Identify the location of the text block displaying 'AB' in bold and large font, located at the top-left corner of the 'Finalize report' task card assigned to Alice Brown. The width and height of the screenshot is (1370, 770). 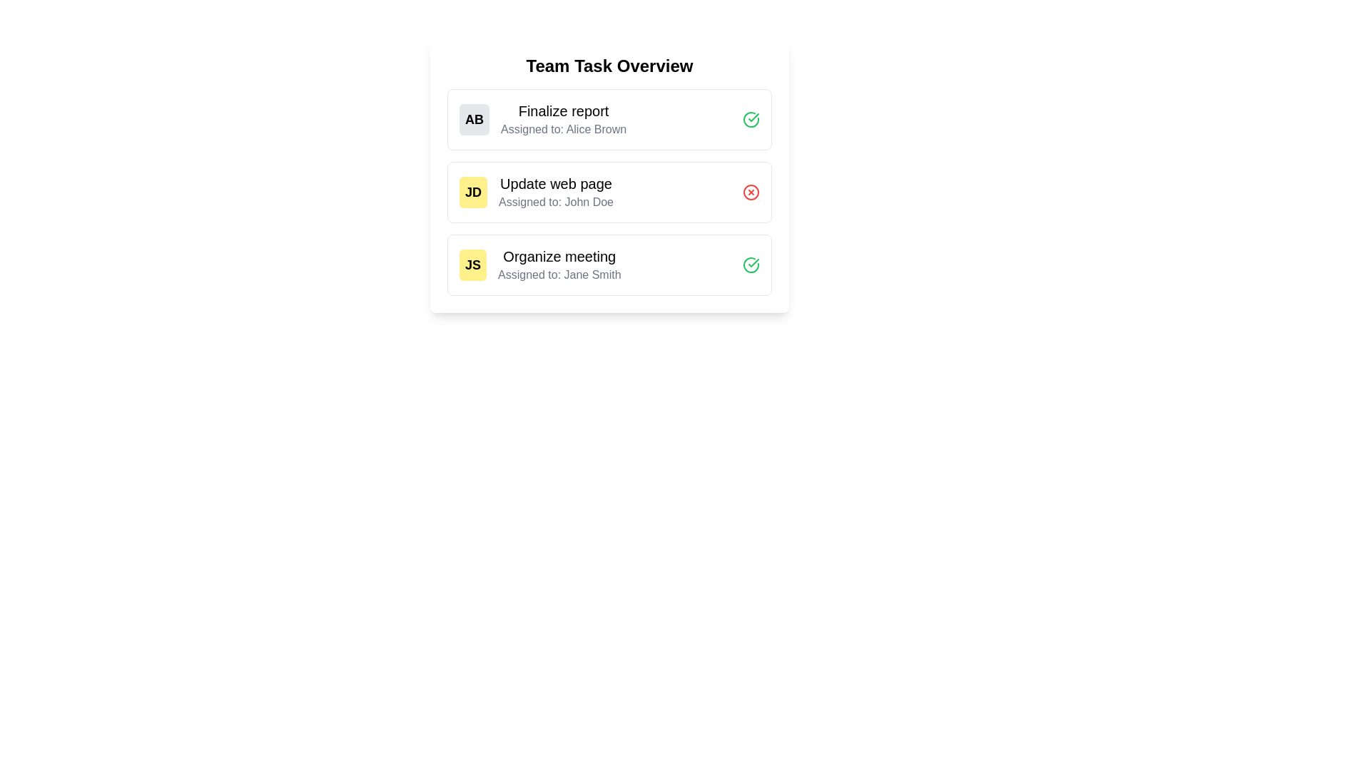
(475, 119).